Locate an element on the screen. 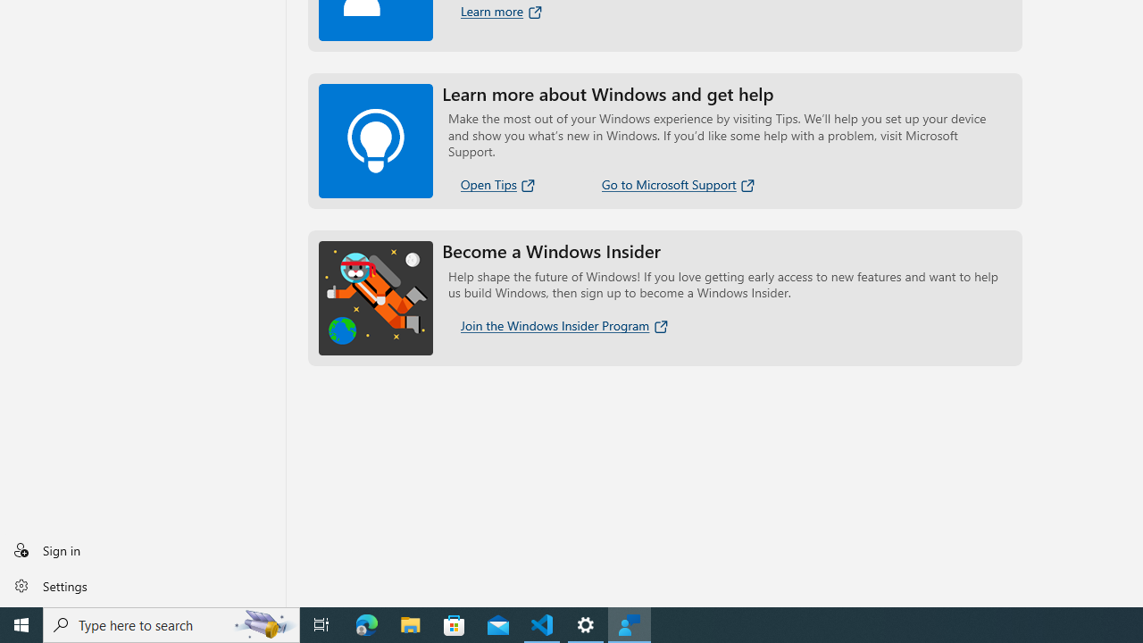 This screenshot has width=1143, height=643. 'Microsoft Store' is located at coordinates (455, 623).